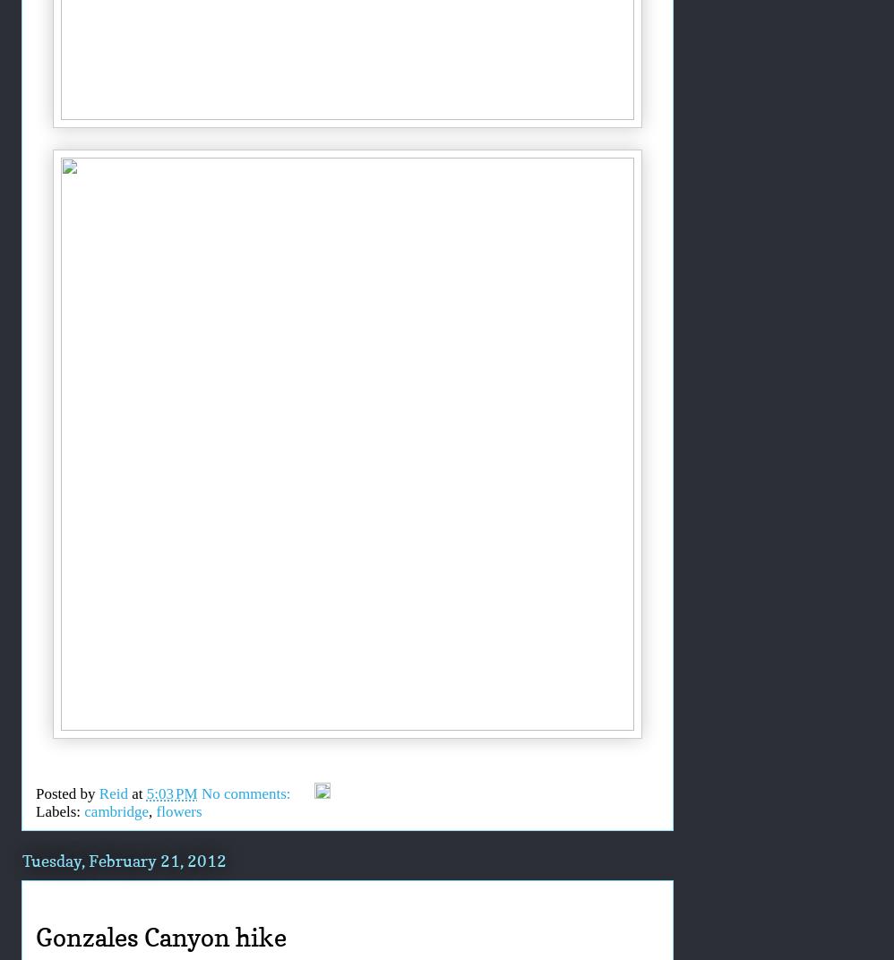  What do you see at coordinates (36, 938) in the screenshot?
I see `'Gonzales Canyon hike'` at bounding box center [36, 938].